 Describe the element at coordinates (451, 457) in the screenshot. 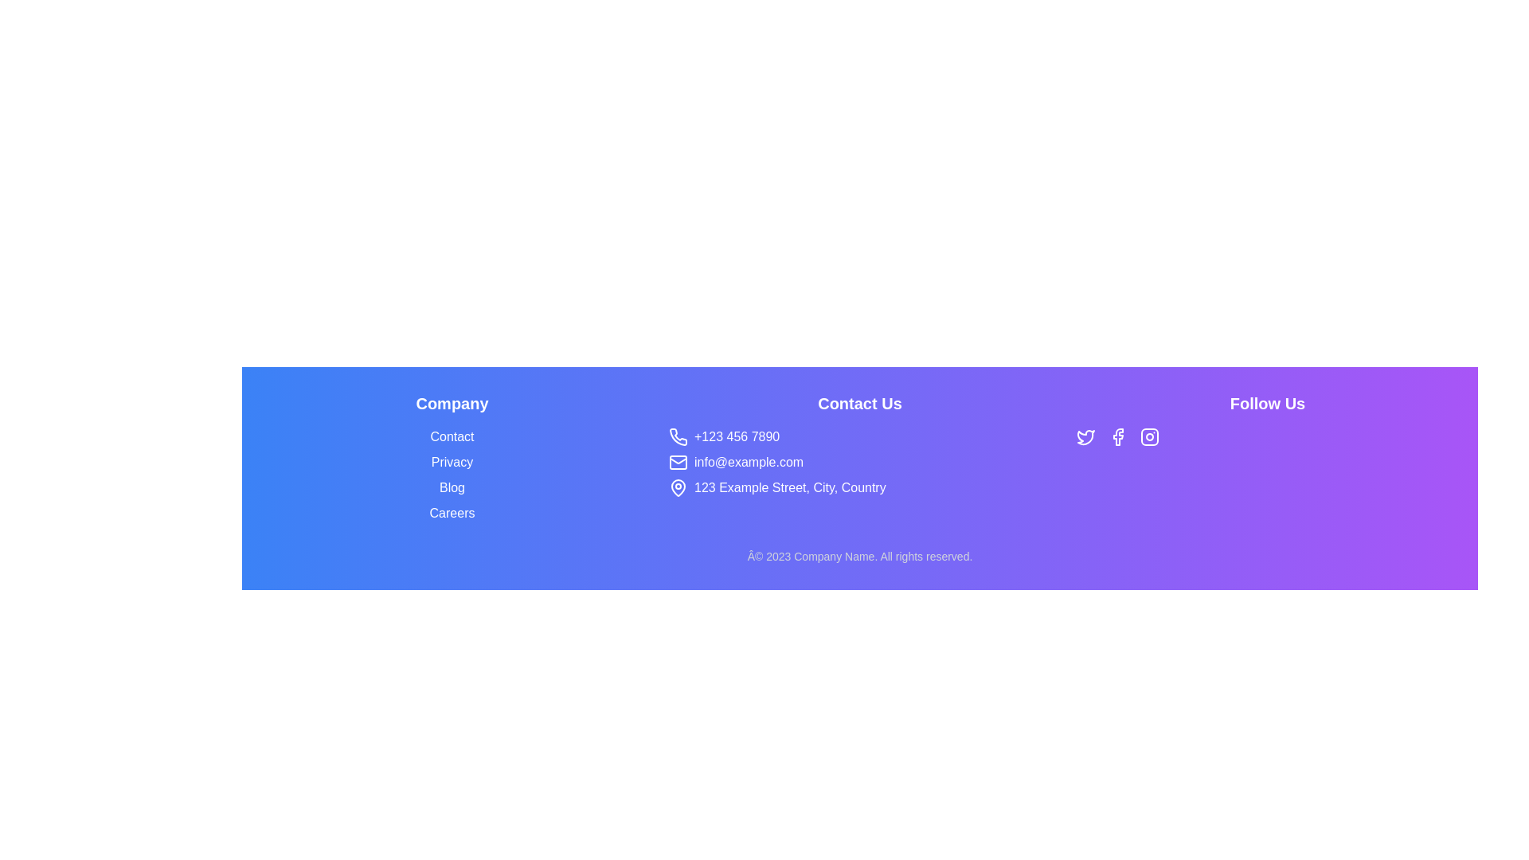

I see `the 'Privacy' hyperlink text, which is the second item in a list under the 'Company' heading, located in the leftmost column of the interface` at that location.